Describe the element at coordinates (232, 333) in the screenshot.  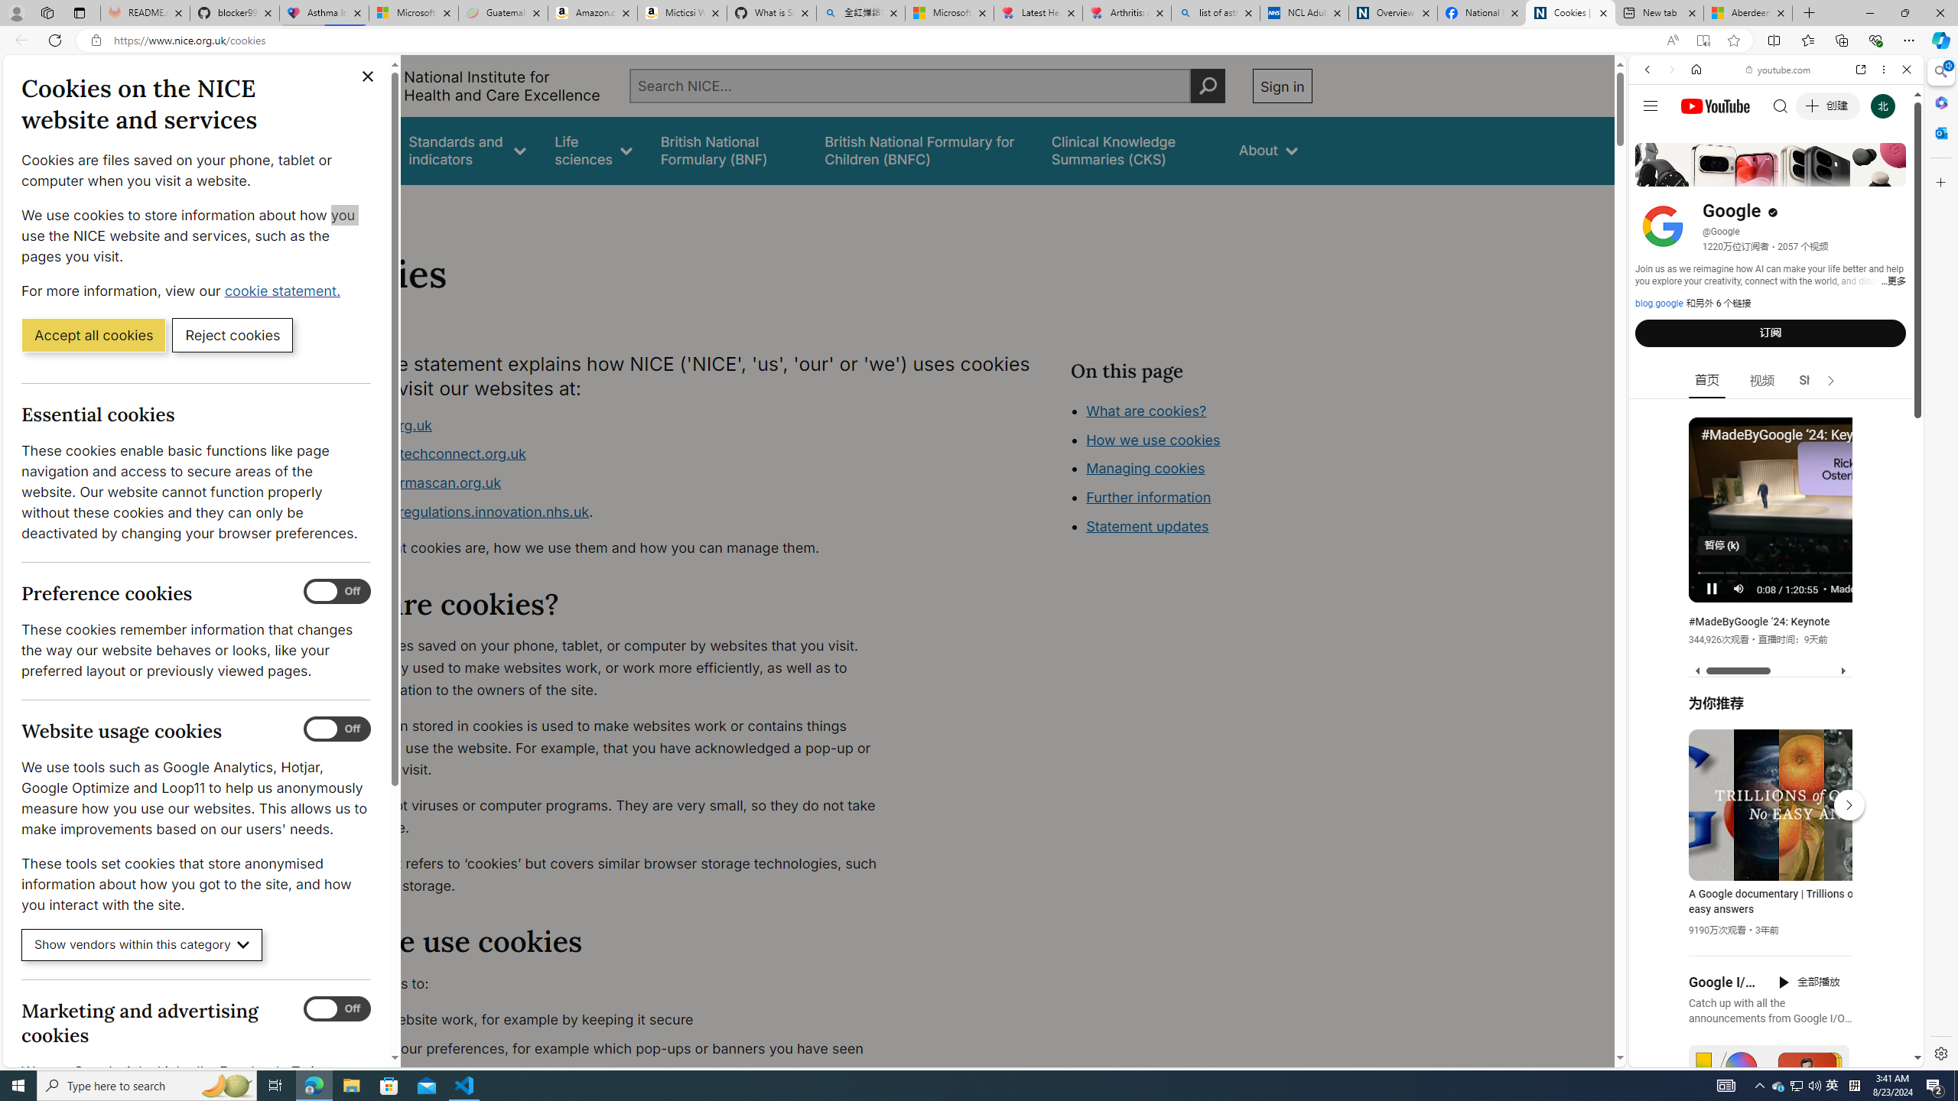
I see `'Reject cookies'` at that location.